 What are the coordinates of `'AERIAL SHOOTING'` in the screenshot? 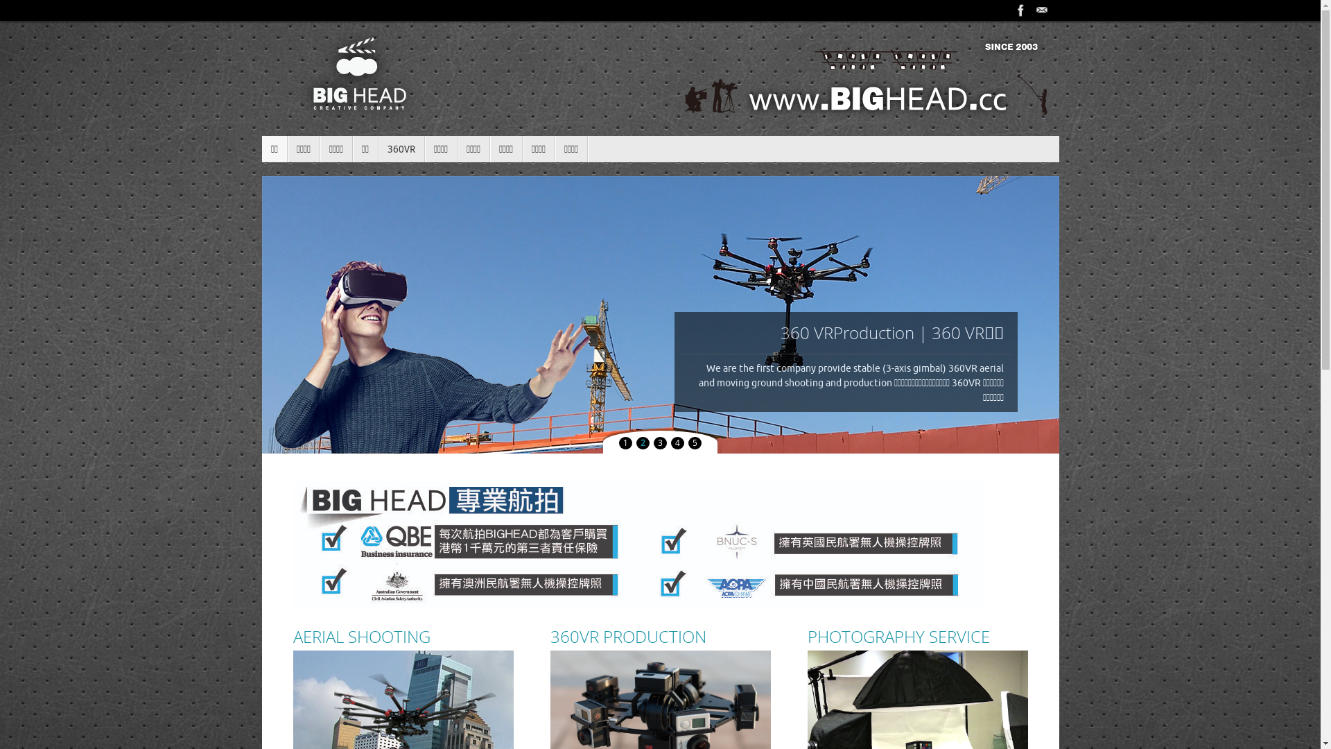 It's located at (401, 637).